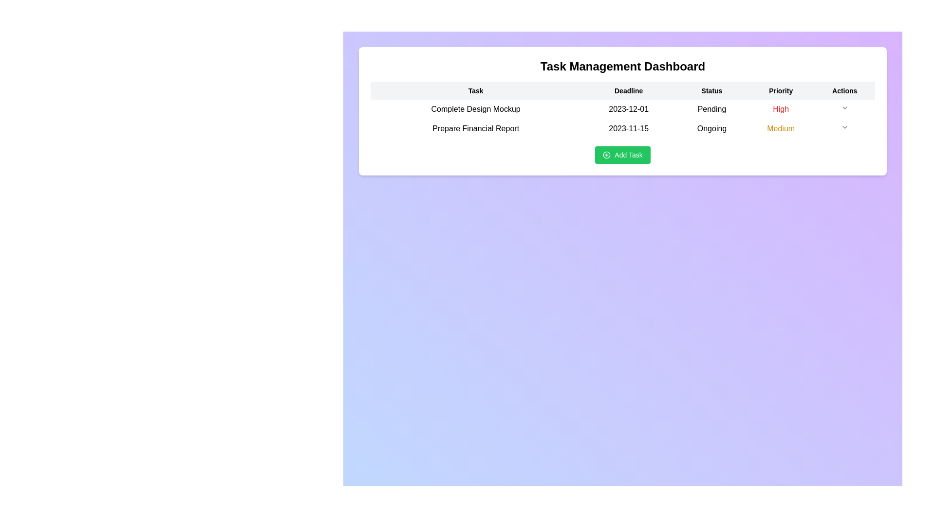 Image resolution: width=935 pixels, height=525 pixels. Describe the element at coordinates (622, 90) in the screenshot. I see `headers from the table header row in the task management dashboard, which includes 'Task', 'Deadline', 'Status', 'Priority', and 'Actions'` at that location.